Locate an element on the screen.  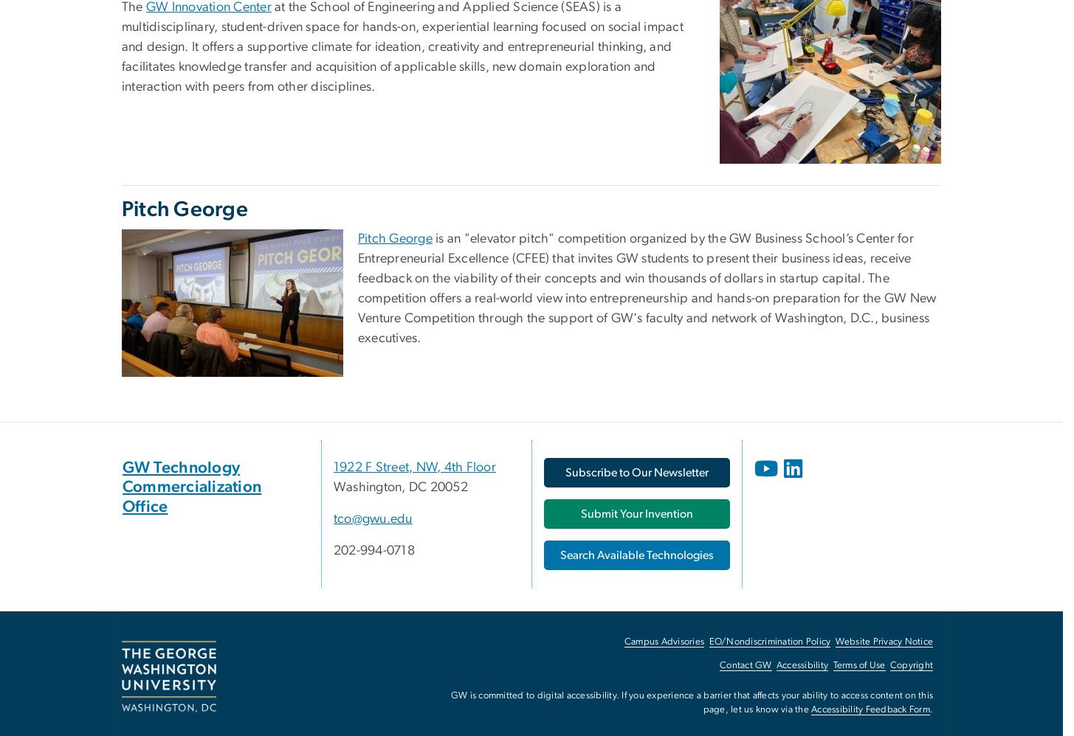
'GW Innovation Center' is located at coordinates (146, 6).